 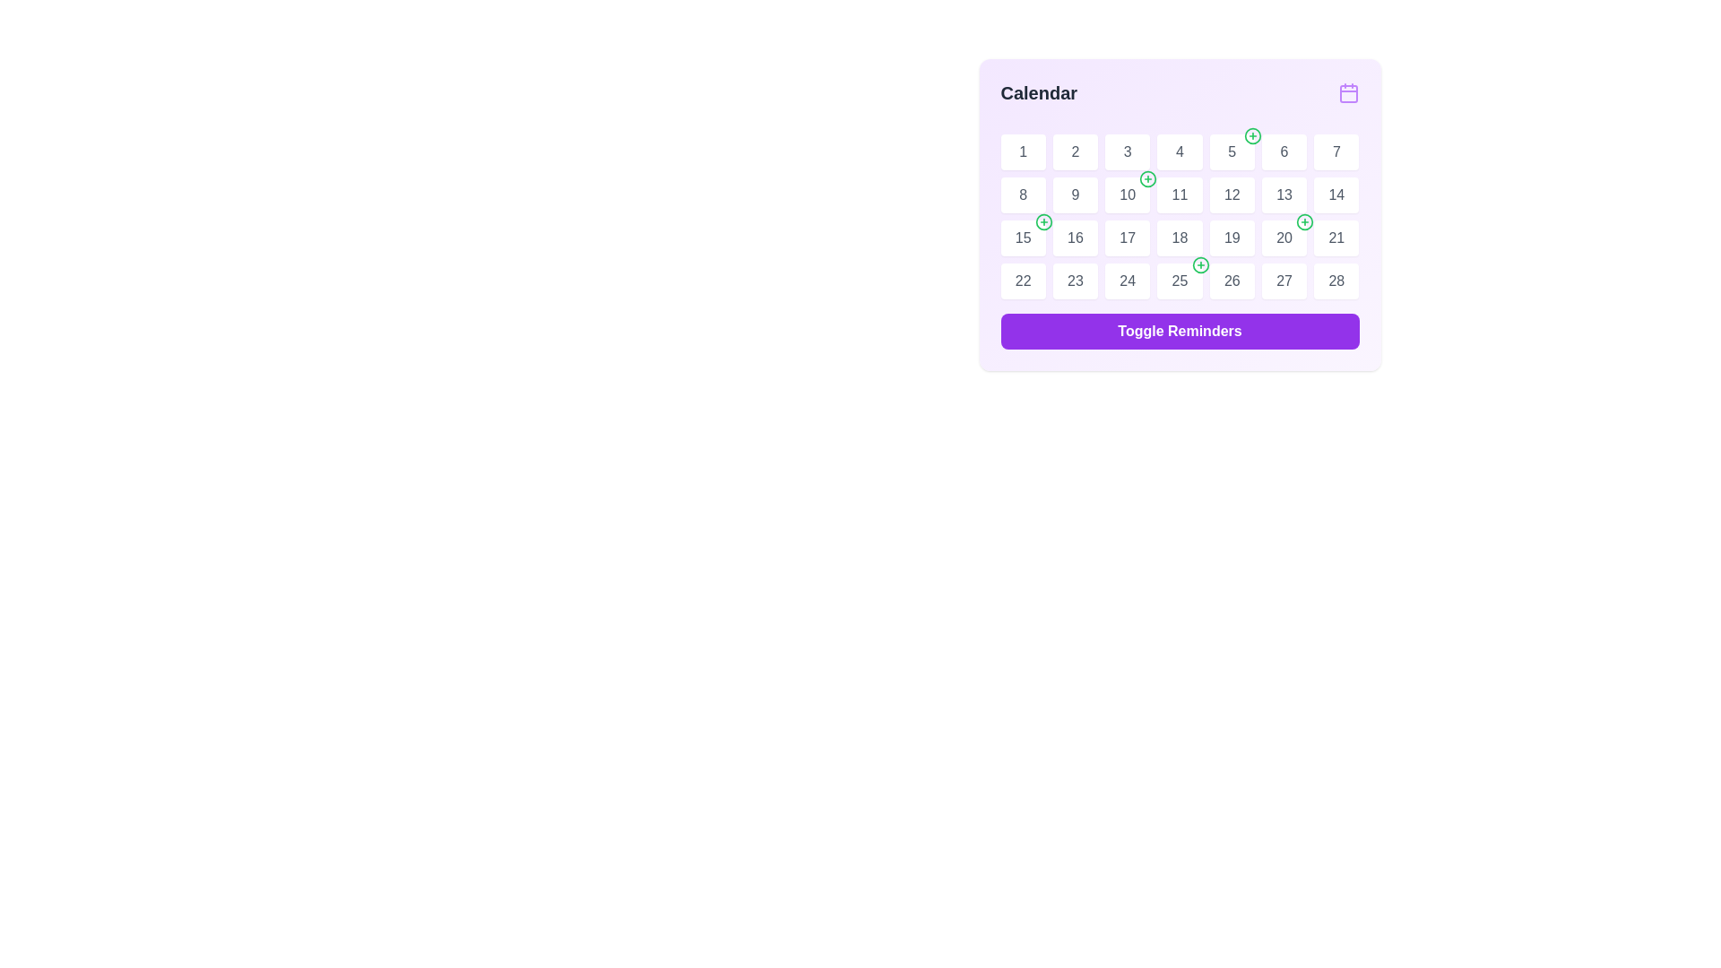 I want to click on the text element containing the number '3' located in the first row and third column of the calendar grid, styled with a gray font color and positioned centrally within a white background day cell, so click(x=1127, y=151).